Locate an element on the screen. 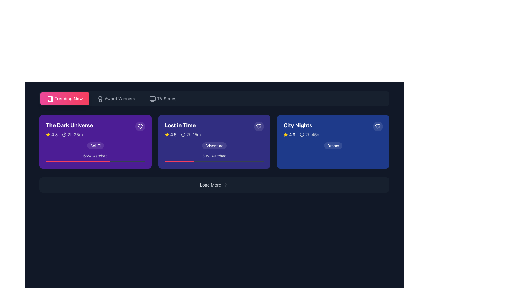  the text label 'City Nights' to trigger a tooltip or underline animation, which is located in the upper-left section of the blue card that is the third in a row of similarly styled cards is located at coordinates (297, 125).